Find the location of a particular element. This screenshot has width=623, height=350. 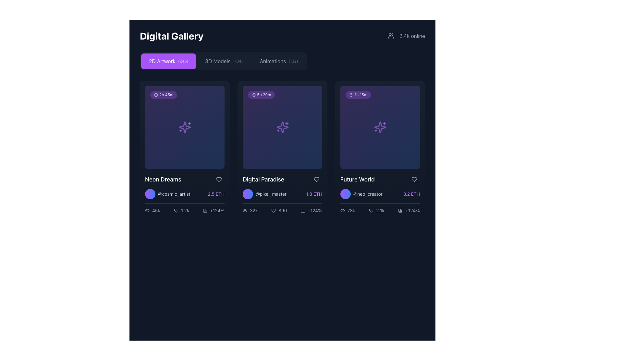

the small pill-shaped badge with a rounded purple background and a clock icon displaying '2h 45m' located at the top-left corner of the 'Neon Dreams' card is located at coordinates (164, 95).